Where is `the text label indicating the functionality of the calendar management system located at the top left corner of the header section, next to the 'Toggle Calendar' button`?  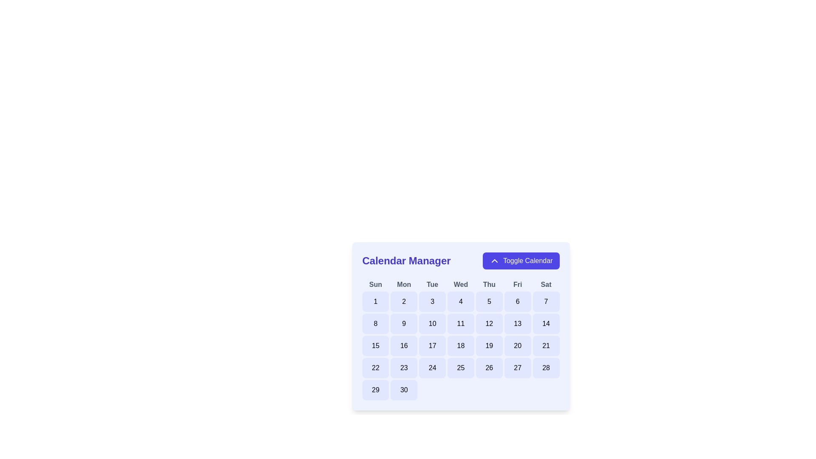 the text label indicating the functionality of the calendar management system located at the top left corner of the header section, next to the 'Toggle Calendar' button is located at coordinates (406, 260).